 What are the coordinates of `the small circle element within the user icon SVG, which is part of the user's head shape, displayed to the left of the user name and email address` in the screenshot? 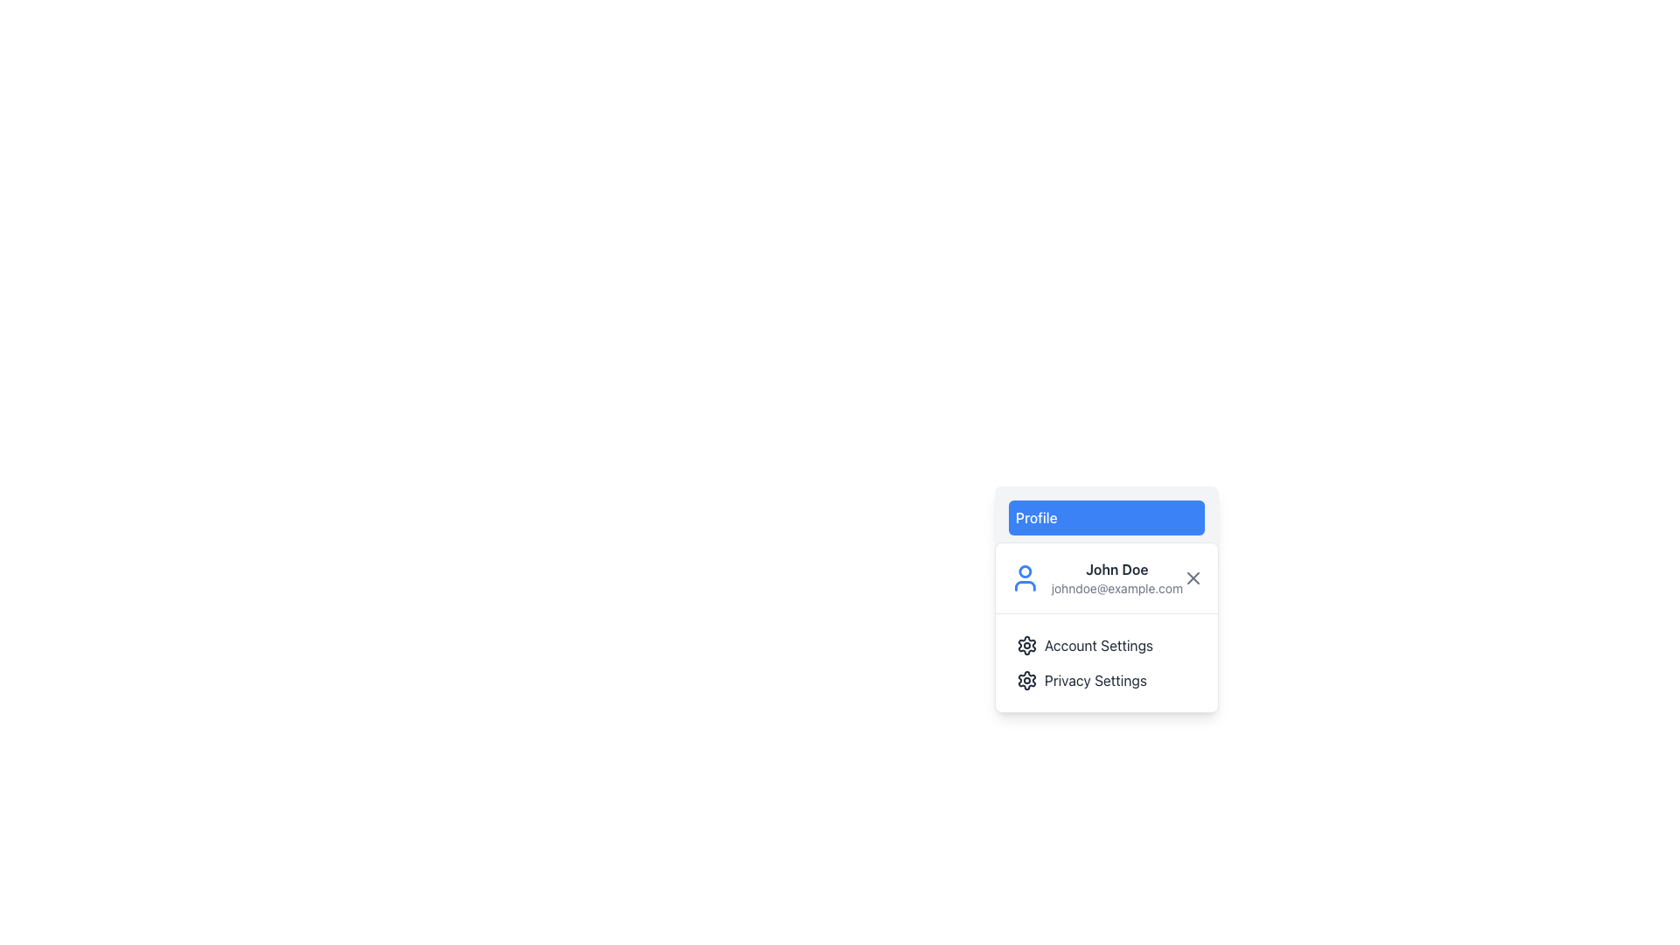 It's located at (1025, 571).